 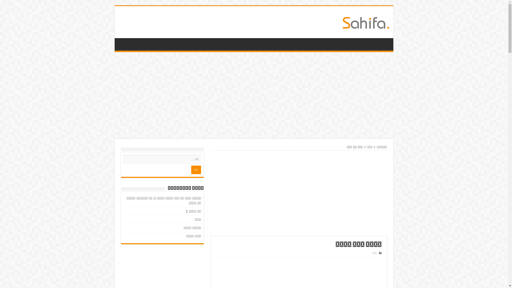 I want to click on 'Advertisement', so click(x=253, y=95).